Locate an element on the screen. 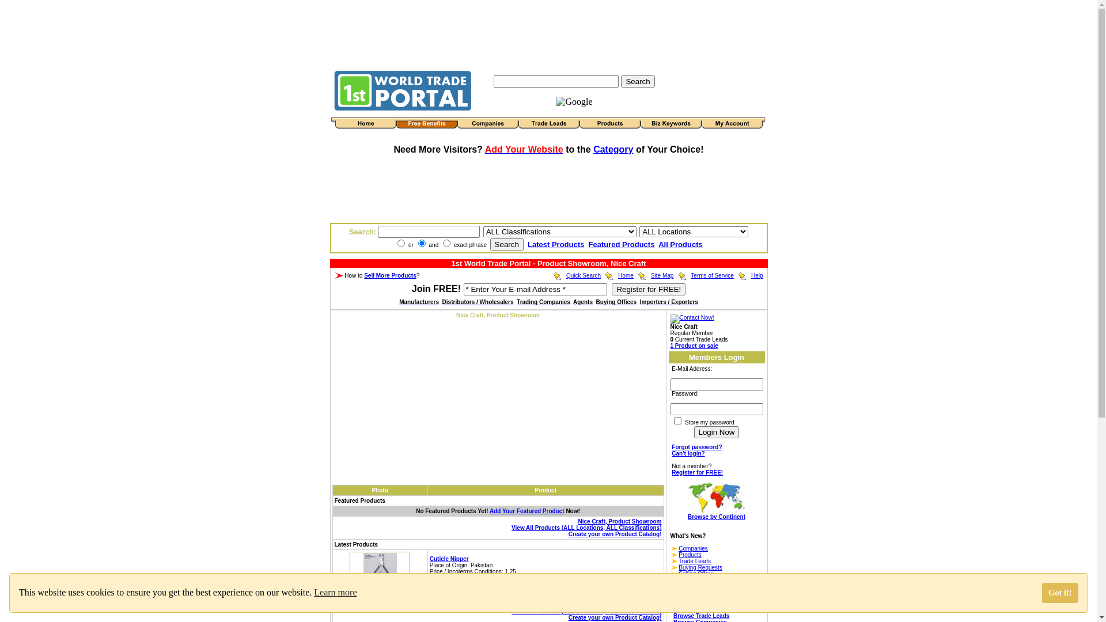  'Selling Offers' is located at coordinates (695, 574).